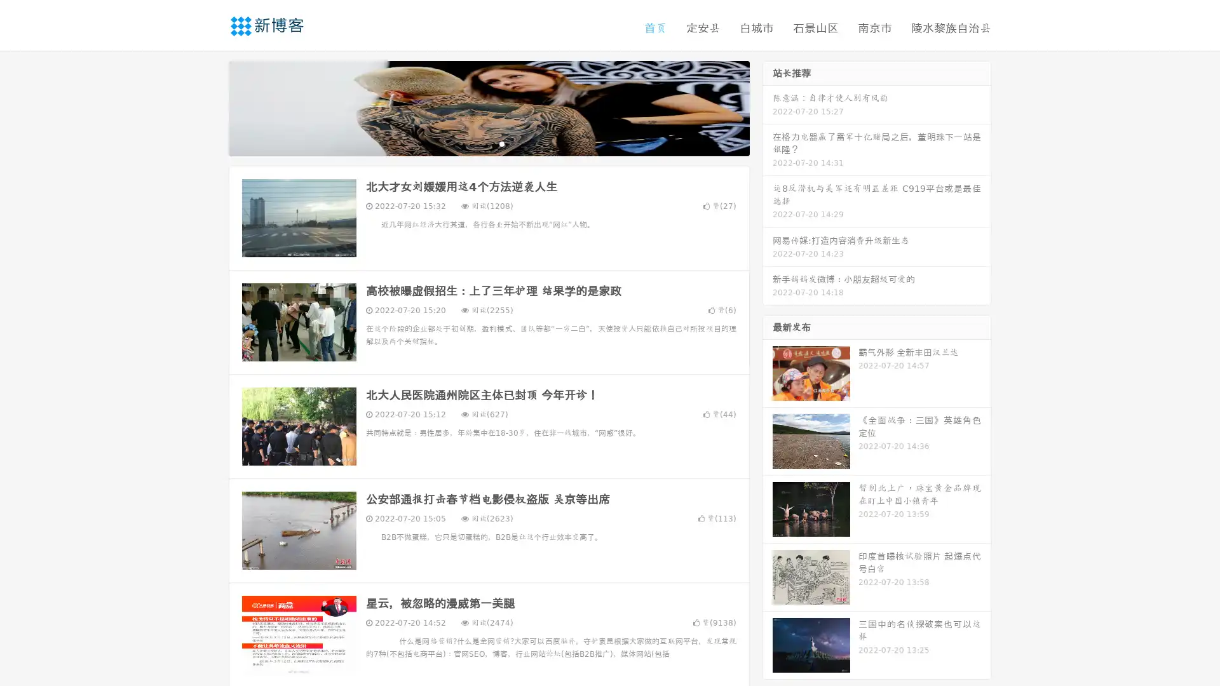  Describe the element at coordinates (768, 107) in the screenshot. I see `Next slide` at that location.